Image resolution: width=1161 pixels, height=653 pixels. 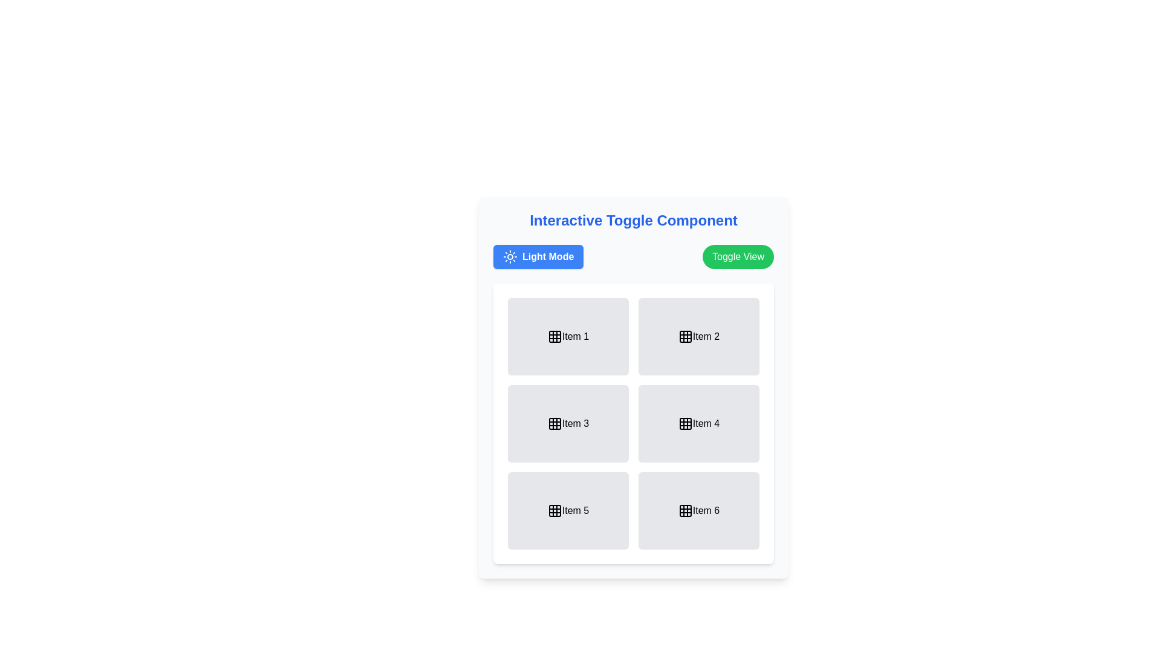 I want to click on the small square with rounded corners located in the bottom-right corner of the 3x3 grid icon labeled 'Item 6', so click(x=685, y=510).